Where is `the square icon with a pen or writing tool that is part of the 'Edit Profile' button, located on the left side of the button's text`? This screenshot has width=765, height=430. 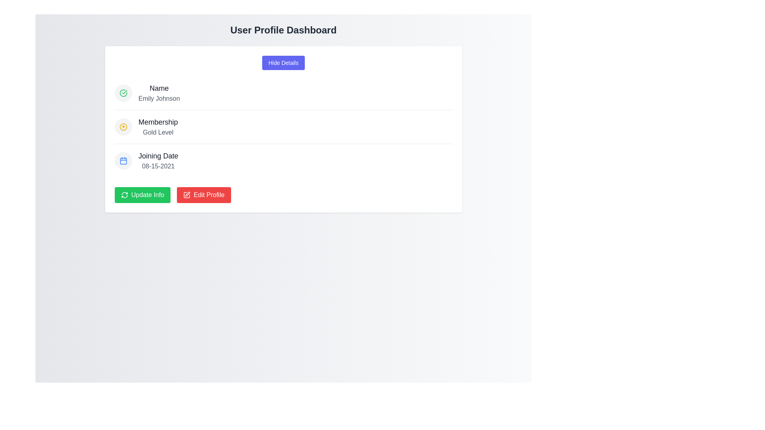
the square icon with a pen or writing tool that is part of the 'Edit Profile' button, located on the left side of the button's text is located at coordinates (186, 195).